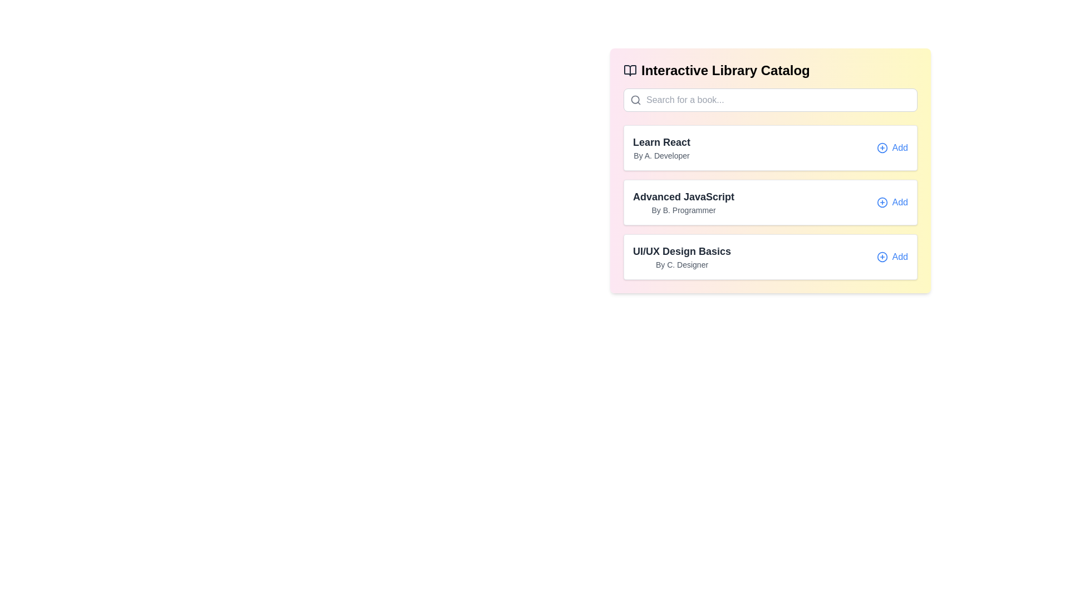 The image size is (1069, 601). Describe the element at coordinates (683, 202) in the screenshot. I see `the text element displaying 'Advanced JavaScript' by B. Programmer, which is the second item in a vertical list of book suggestions` at that location.